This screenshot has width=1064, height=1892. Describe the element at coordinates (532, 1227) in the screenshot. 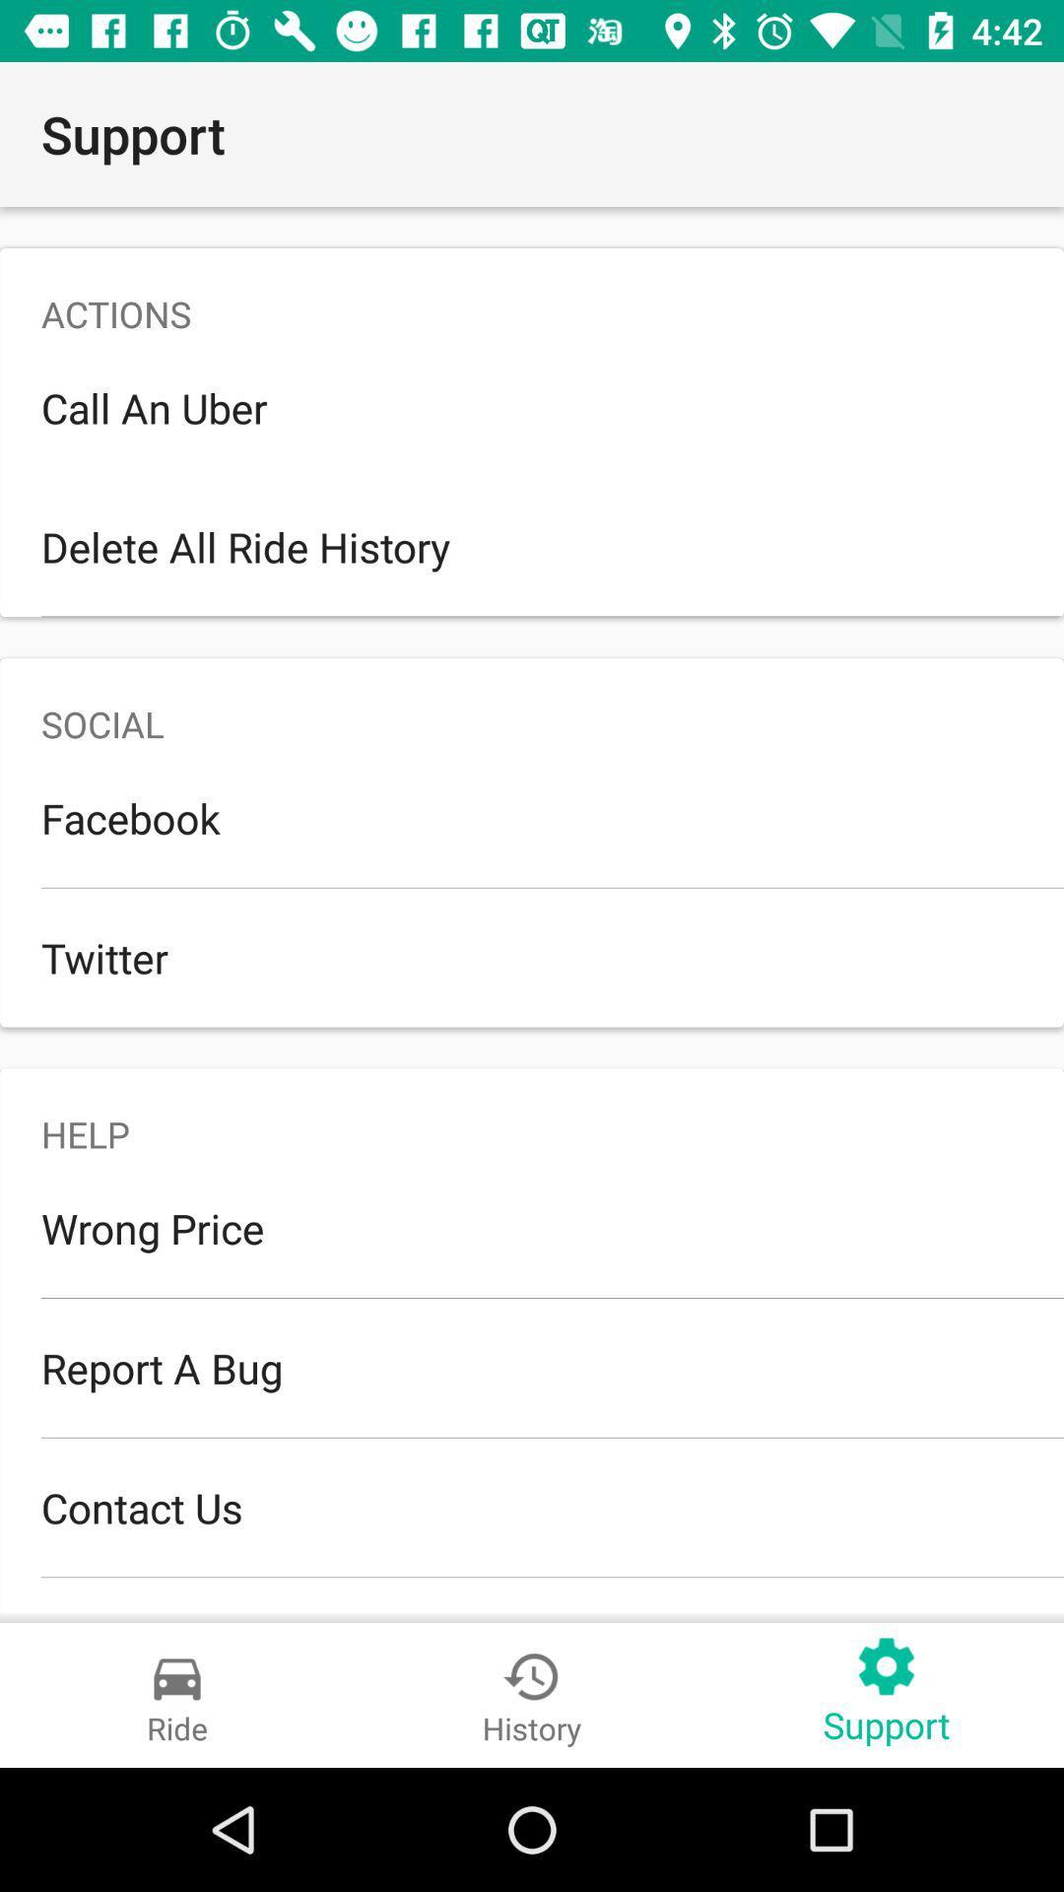

I see `wrong price` at that location.